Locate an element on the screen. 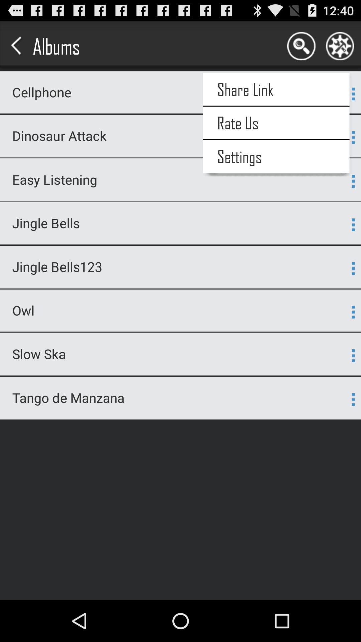 Image resolution: width=361 pixels, height=642 pixels. the arrow on left side of albums is located at coordinates (17, 46).